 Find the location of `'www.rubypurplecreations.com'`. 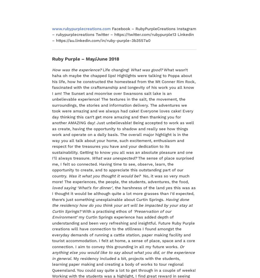

'www.rubypurplecreations.com' is located at coordinates (81, 28).